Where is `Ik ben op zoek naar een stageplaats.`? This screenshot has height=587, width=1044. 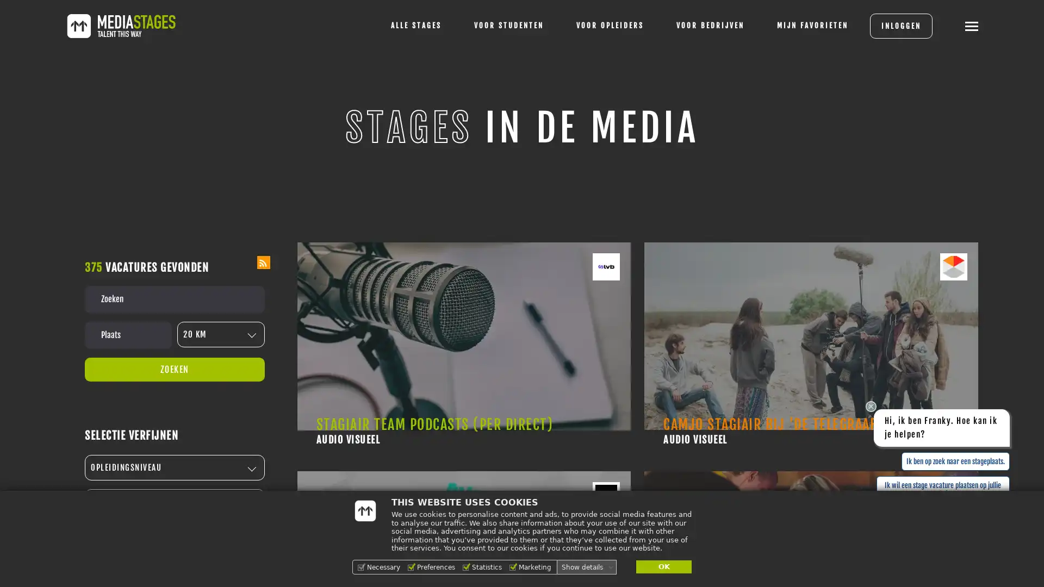 Ik ben op zoek naar een stageplaats. is located at coordinates (954, 461).